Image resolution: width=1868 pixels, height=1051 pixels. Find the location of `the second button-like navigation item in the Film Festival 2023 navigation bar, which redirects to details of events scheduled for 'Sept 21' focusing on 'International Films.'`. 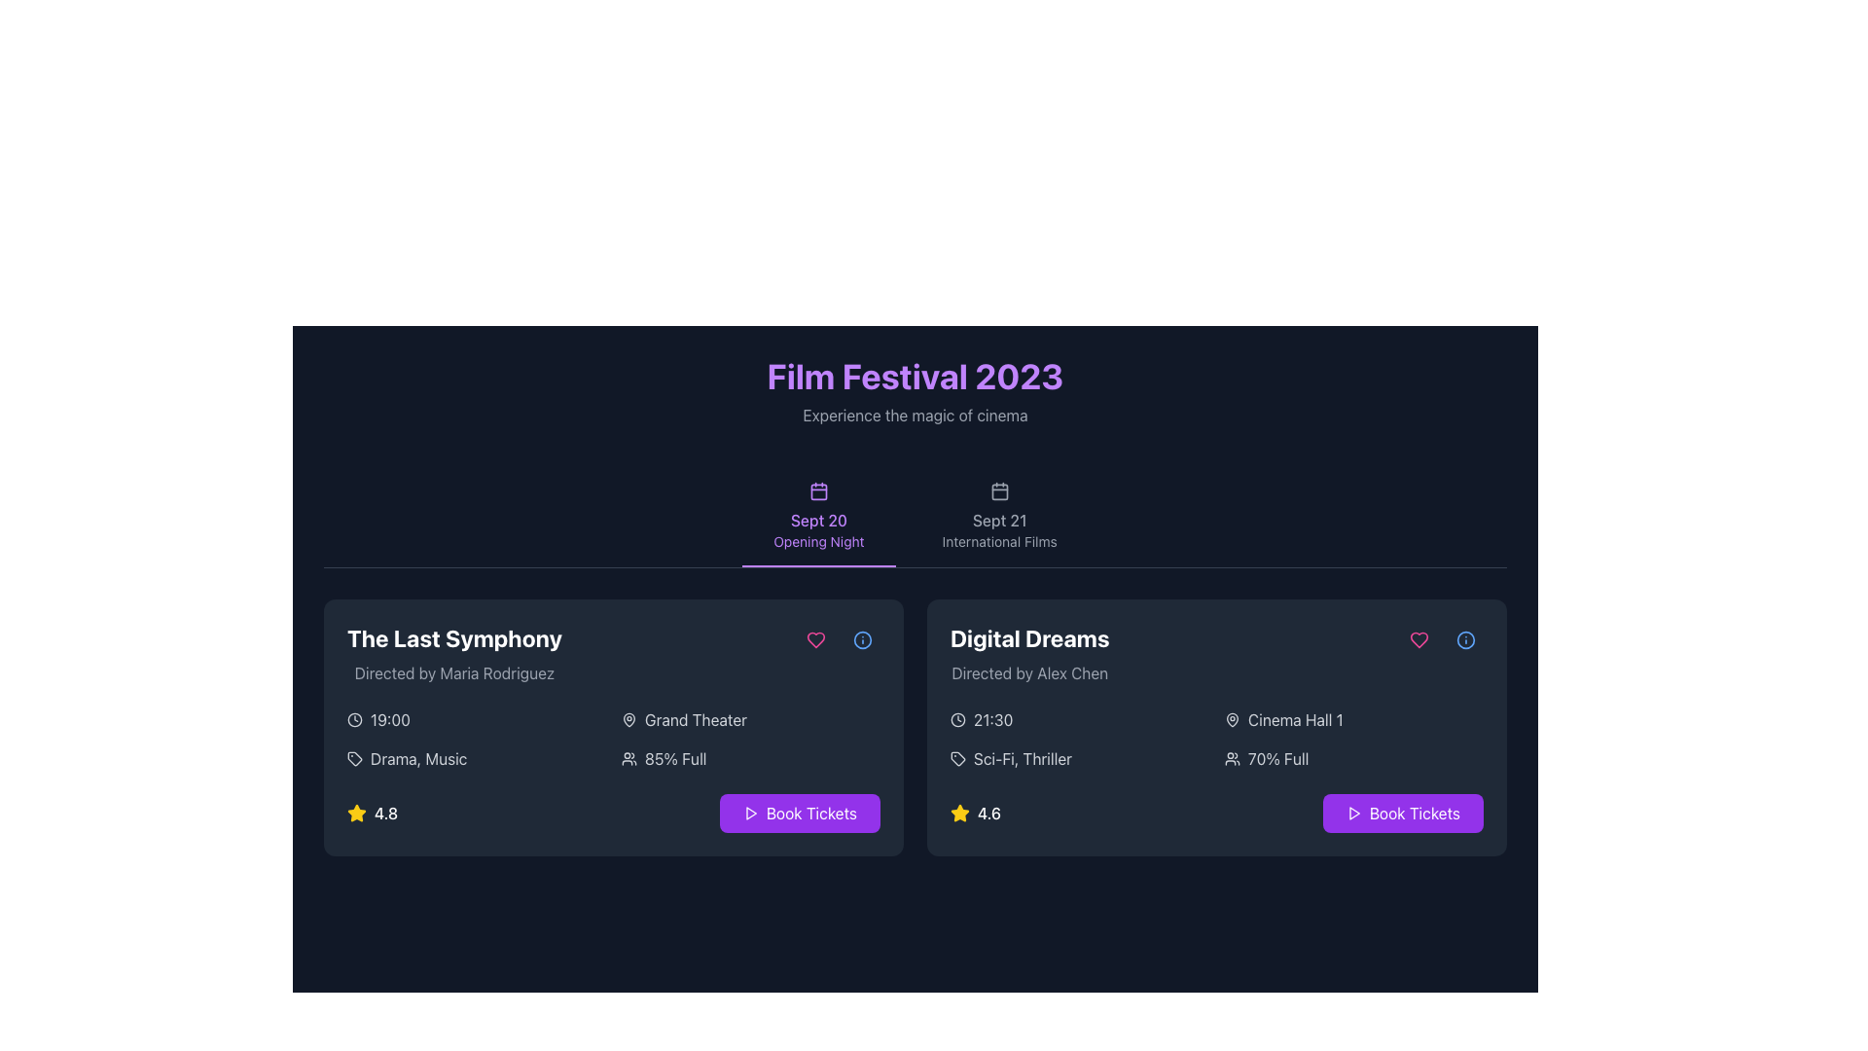

the second button-like navigation item in the Film Festival 2023 navigation bar, which redirects to details of events scheduled for 'Sept 21' focusing on 'International Films.' is located at coordinates (999, 516).